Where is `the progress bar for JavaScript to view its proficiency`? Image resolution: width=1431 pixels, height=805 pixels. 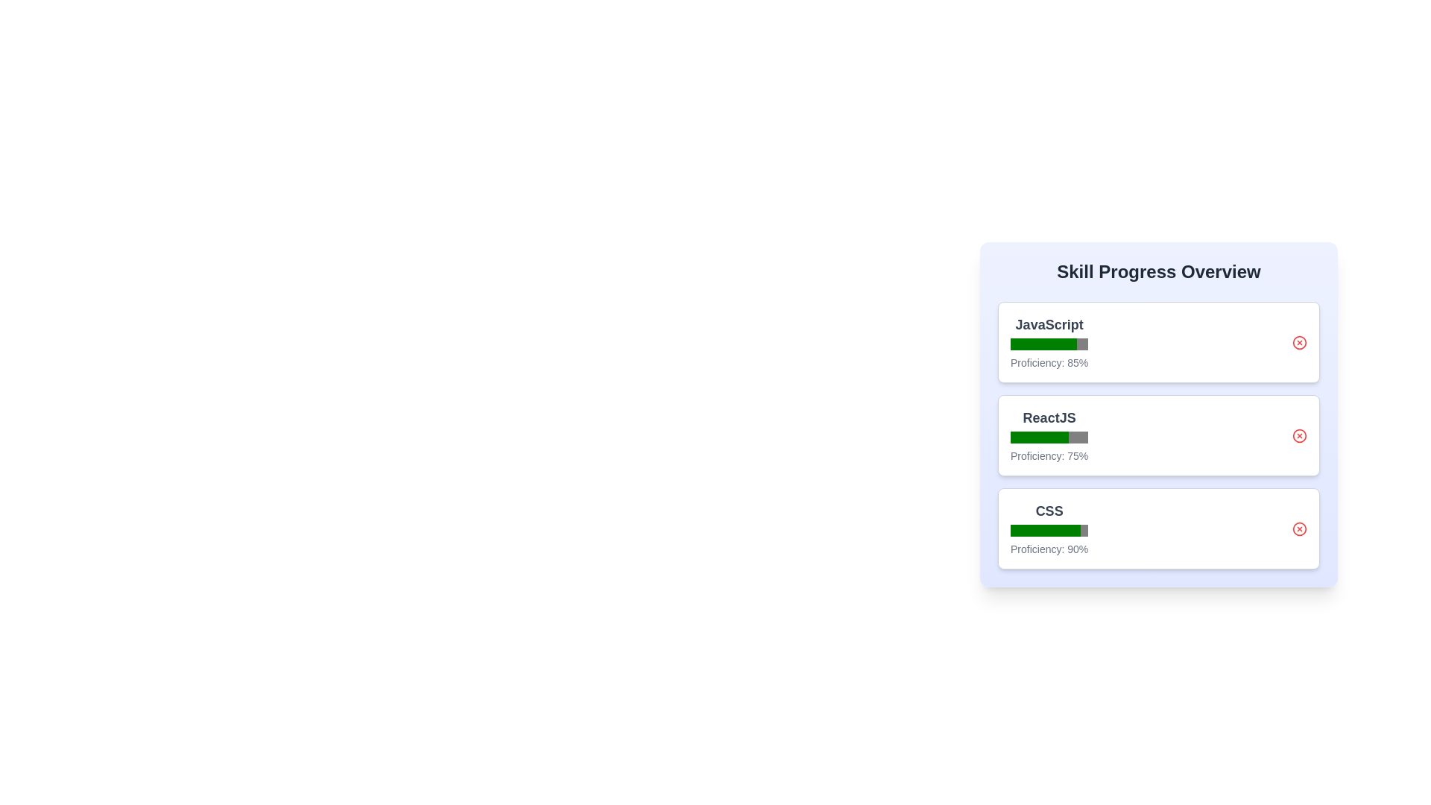 the progress bar for JavaScript to view its proficiency is located at coordinates (1048, 344).